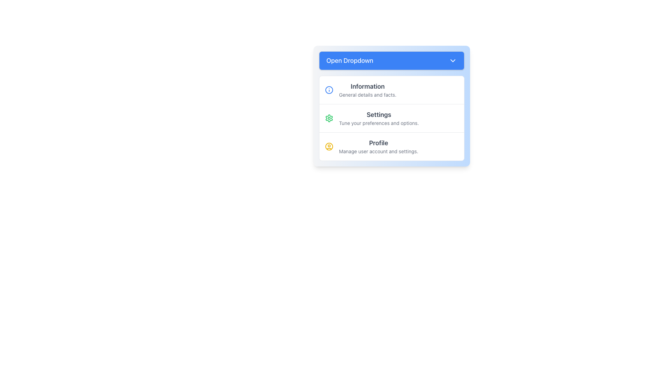 The height and width of the screenshot is (377, 671). I want to click on the 'Profile' option represented by the icon located within the dropdown menu, positioned to the far left of the 'Profile' menu option, so click(329, 146).